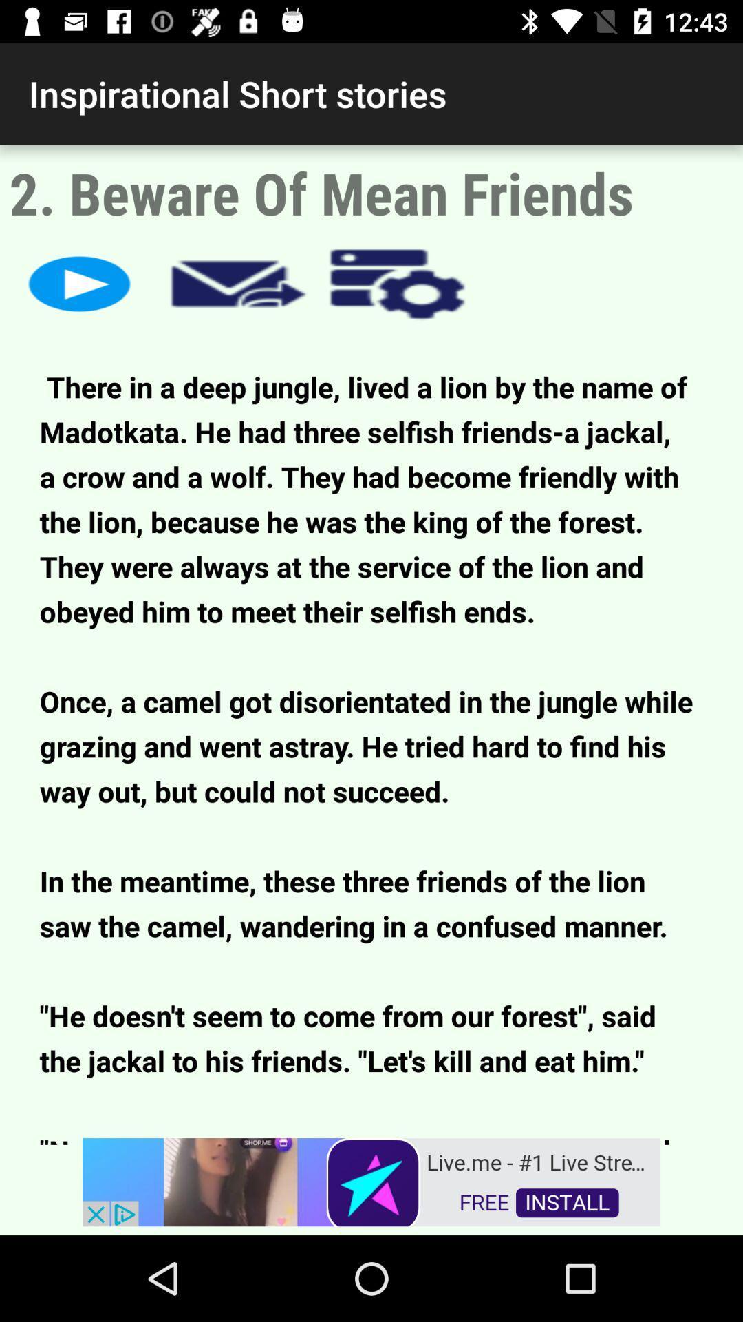  I want to click on message button, so click(237, 283).